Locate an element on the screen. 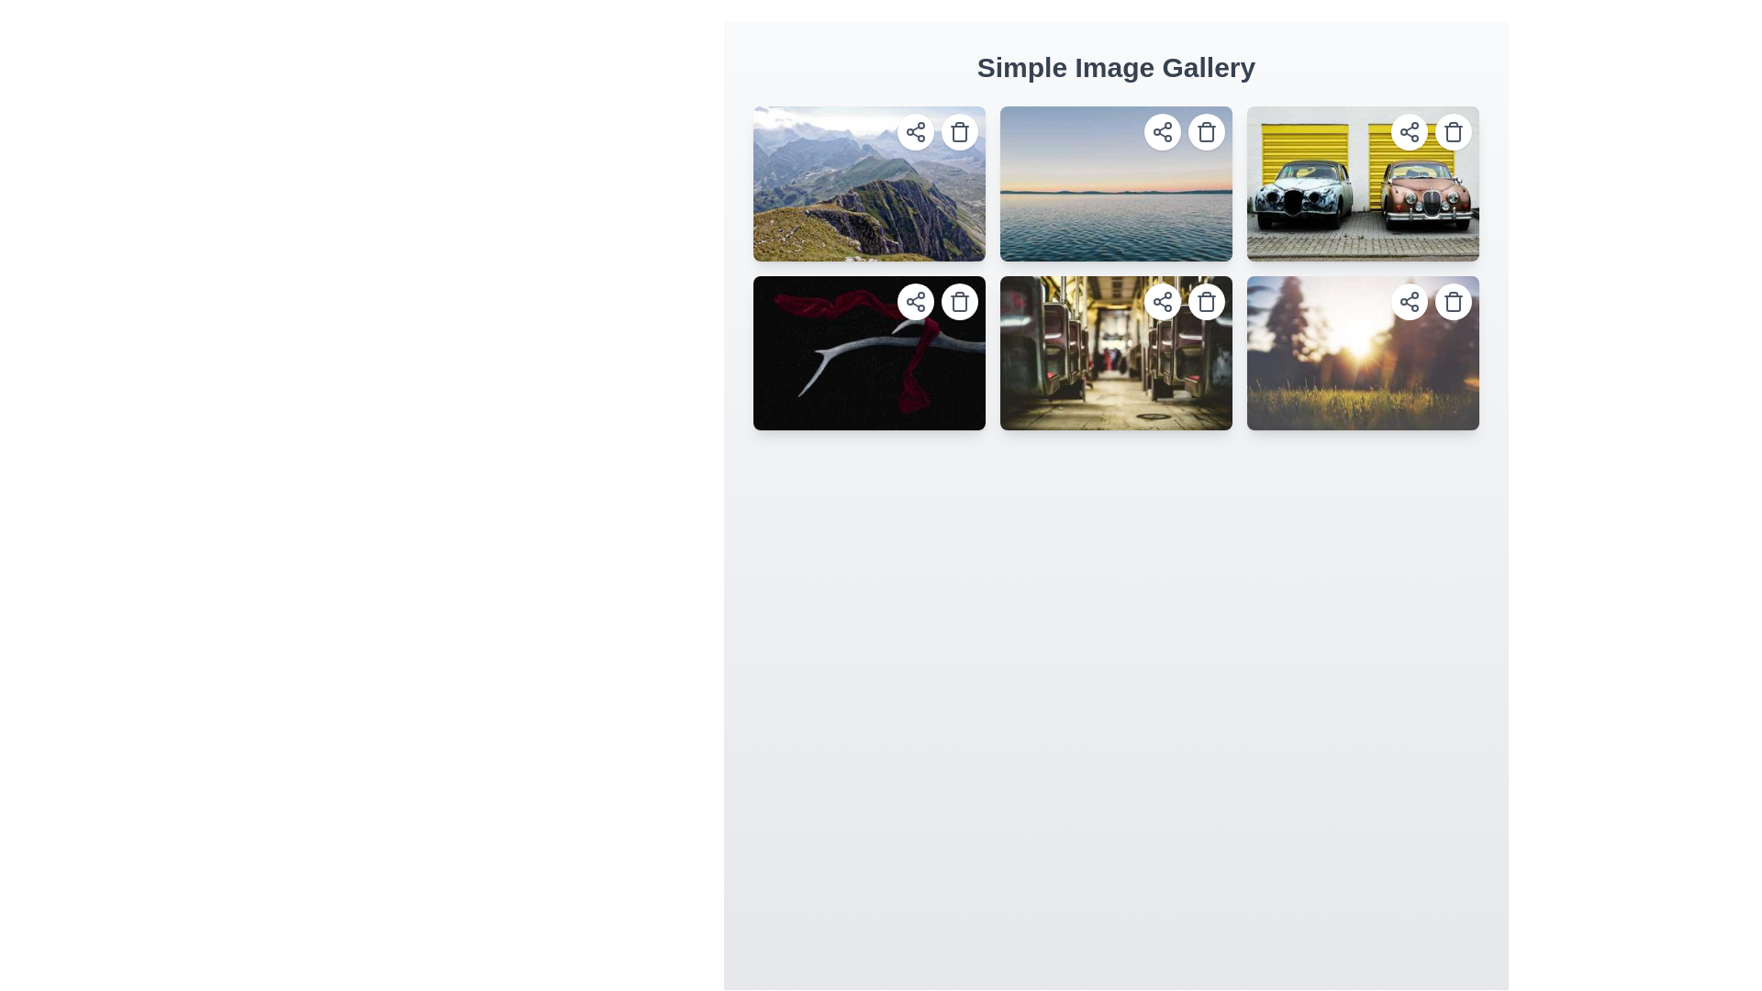 The width and height of the screenshot is (1762, 991). the delete icon button (trash can icon) located in the top-right corner of the second row of images is located at coordinates (1207, 299).